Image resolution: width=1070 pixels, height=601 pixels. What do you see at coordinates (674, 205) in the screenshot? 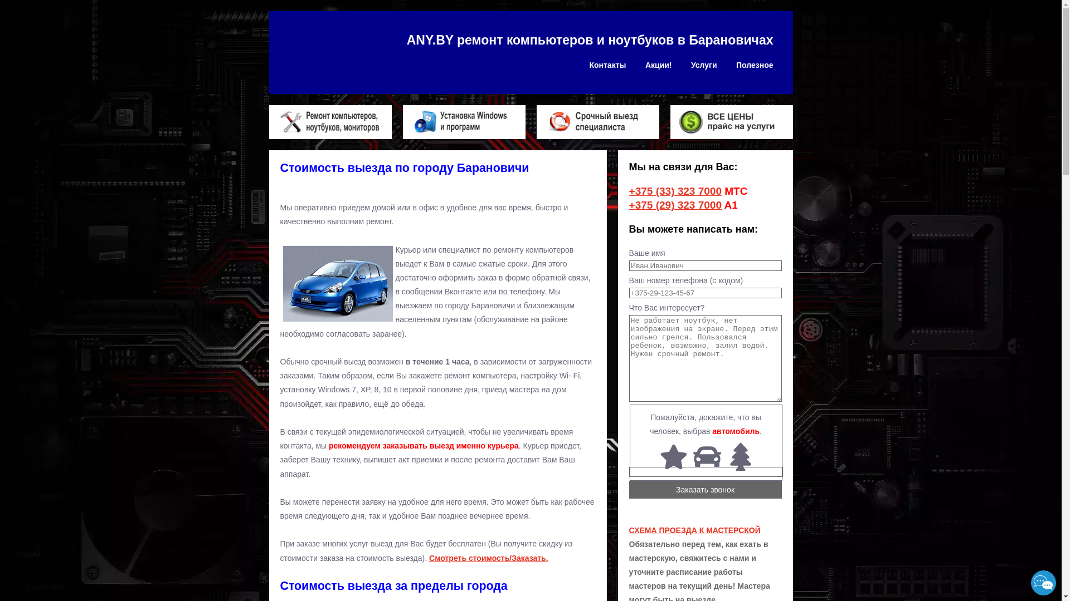
I see `'+375 (29) 323 7000'` at bounding box center [674, 205].